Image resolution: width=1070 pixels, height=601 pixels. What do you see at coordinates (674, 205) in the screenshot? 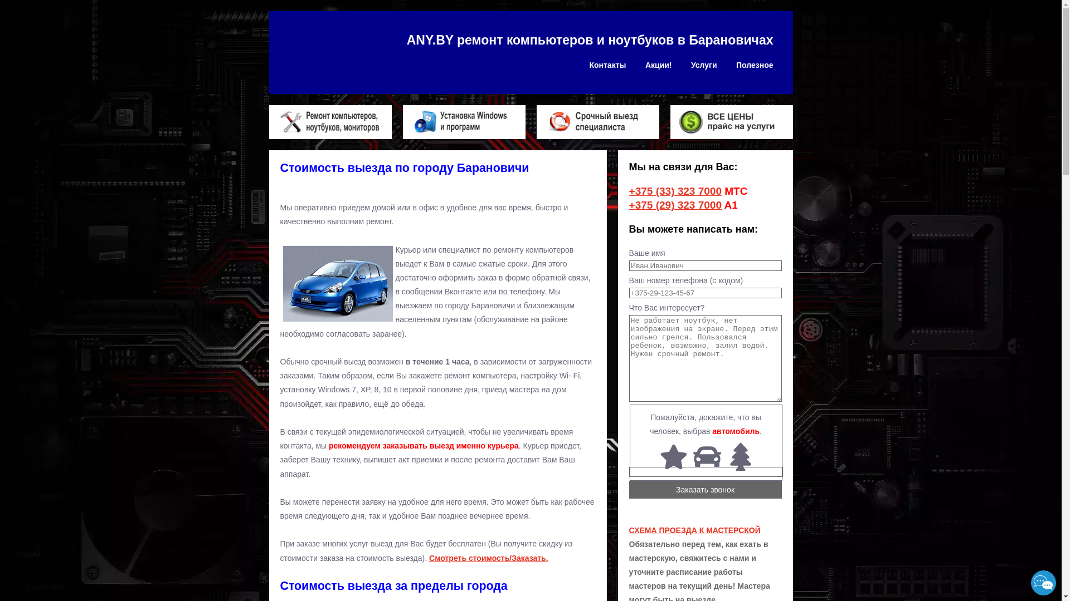
I see `'+375 (29) 323 7000'` at bounding box center [674, 205].